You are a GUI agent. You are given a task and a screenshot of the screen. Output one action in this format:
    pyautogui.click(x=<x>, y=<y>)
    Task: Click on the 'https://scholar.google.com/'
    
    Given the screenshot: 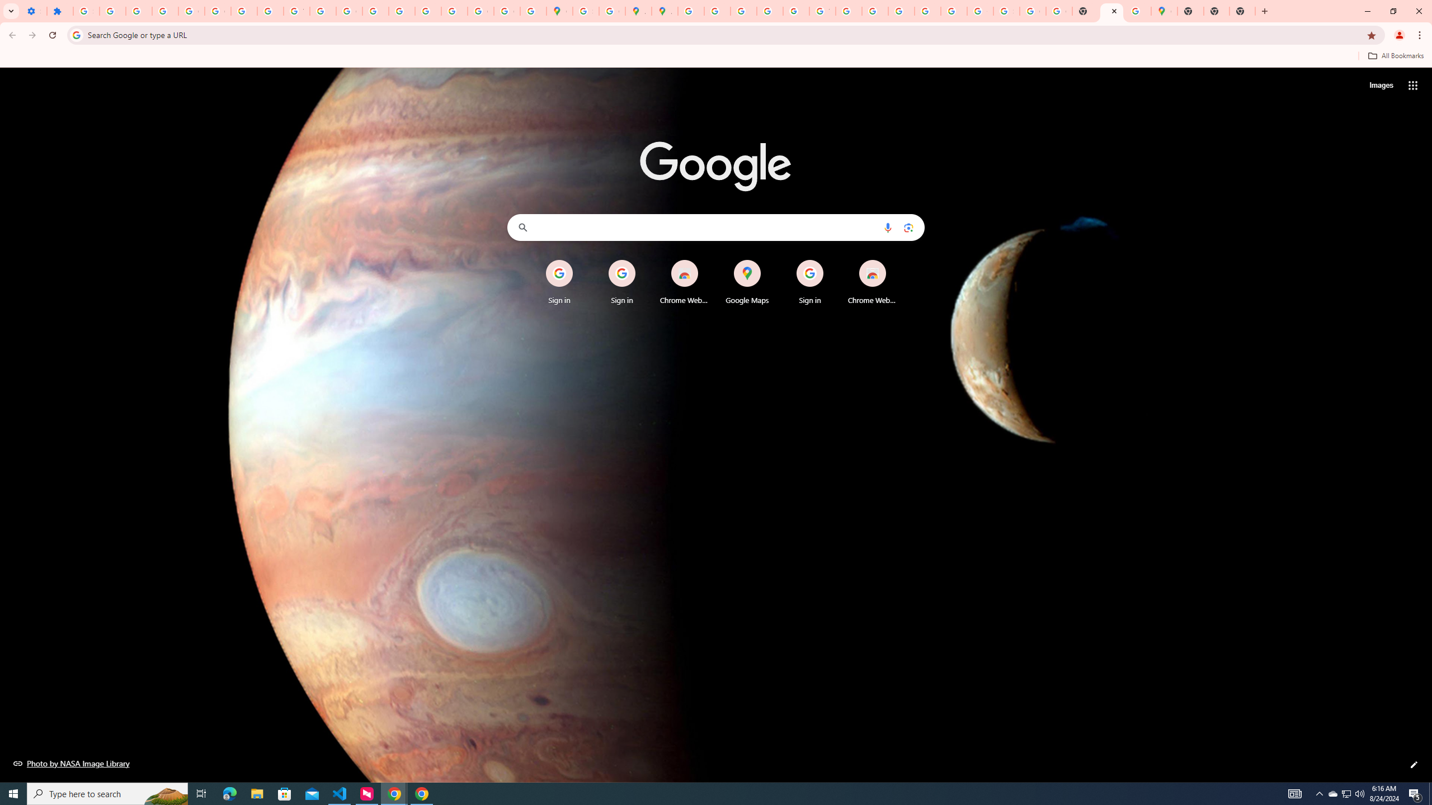 What is the action you would take?
    pyautogui.click(x=322, y=11)
    